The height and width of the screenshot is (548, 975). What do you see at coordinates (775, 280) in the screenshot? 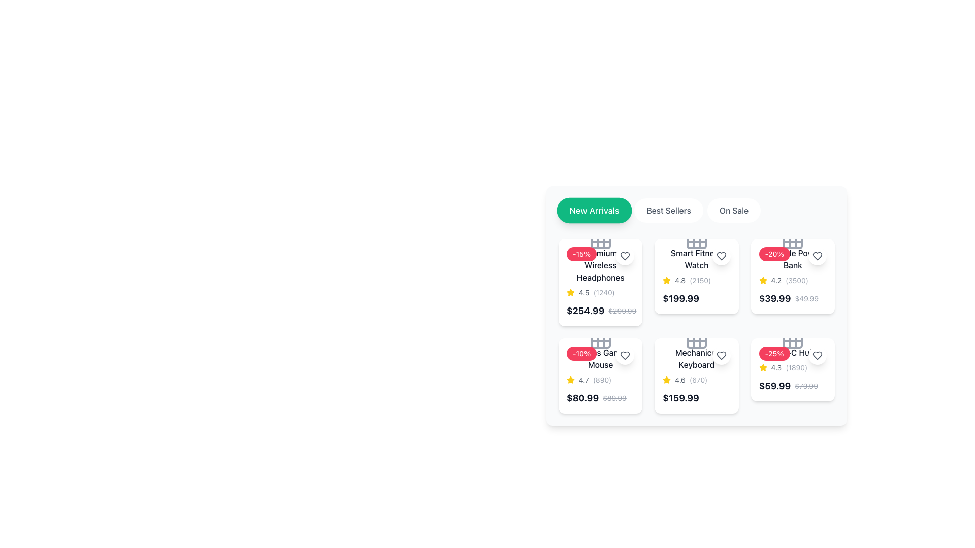
I see `the average rating text component that indicates the product's quality, positioned between a golden star icon and the numerical text '(3500).'` at bounding box center [775, 280].